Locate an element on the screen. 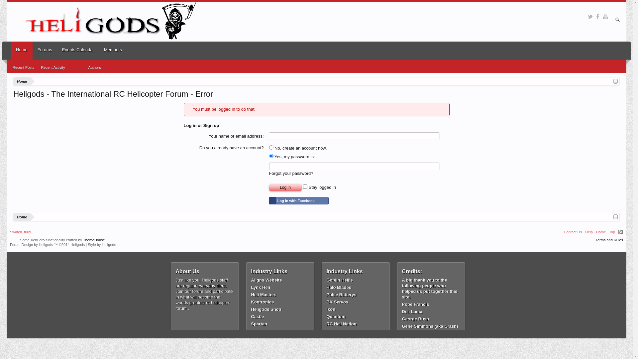  'Log in with Facebook' is located at coordinates (268, 200).